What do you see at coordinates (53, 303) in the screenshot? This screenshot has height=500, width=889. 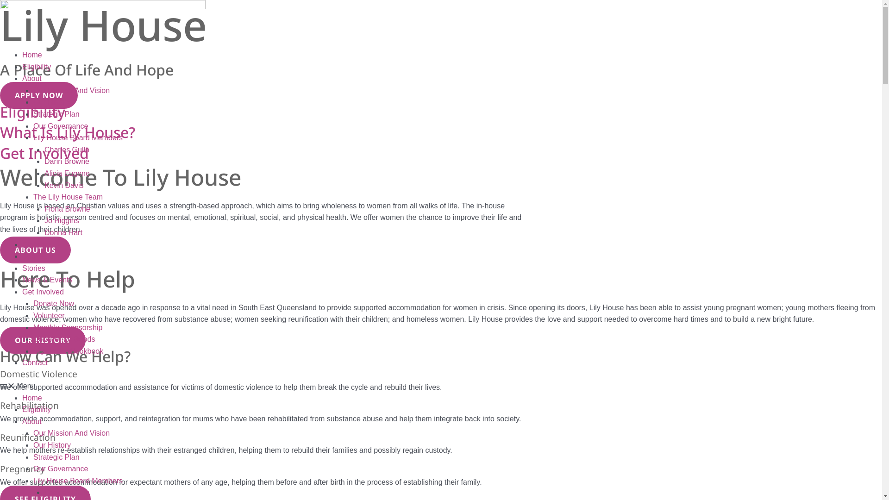 I see `'Donate Now'` at bounding box center [53, 303].